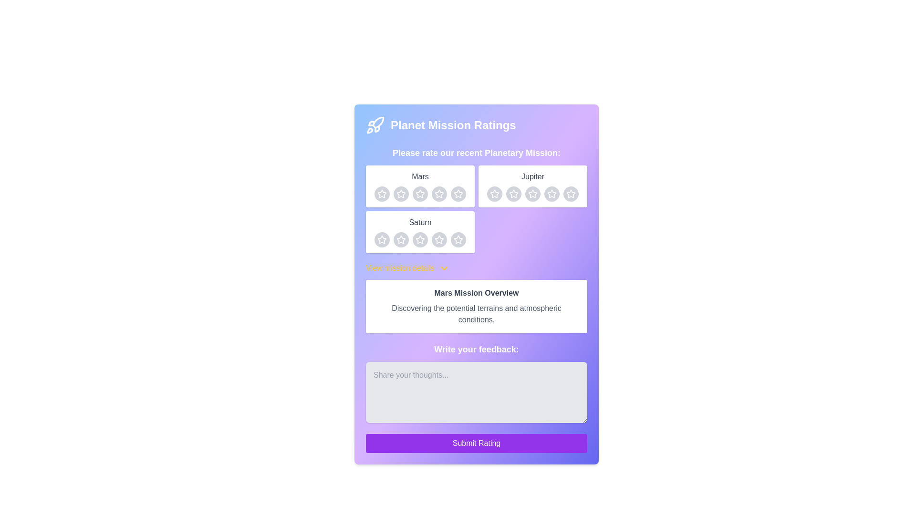 Image resolution: width=916 pixels, height=515 pixels. Describe the element at coordinates (458, 239) in the screenshot. I see `the fifth star rating icon in the Saturn row` at that location.